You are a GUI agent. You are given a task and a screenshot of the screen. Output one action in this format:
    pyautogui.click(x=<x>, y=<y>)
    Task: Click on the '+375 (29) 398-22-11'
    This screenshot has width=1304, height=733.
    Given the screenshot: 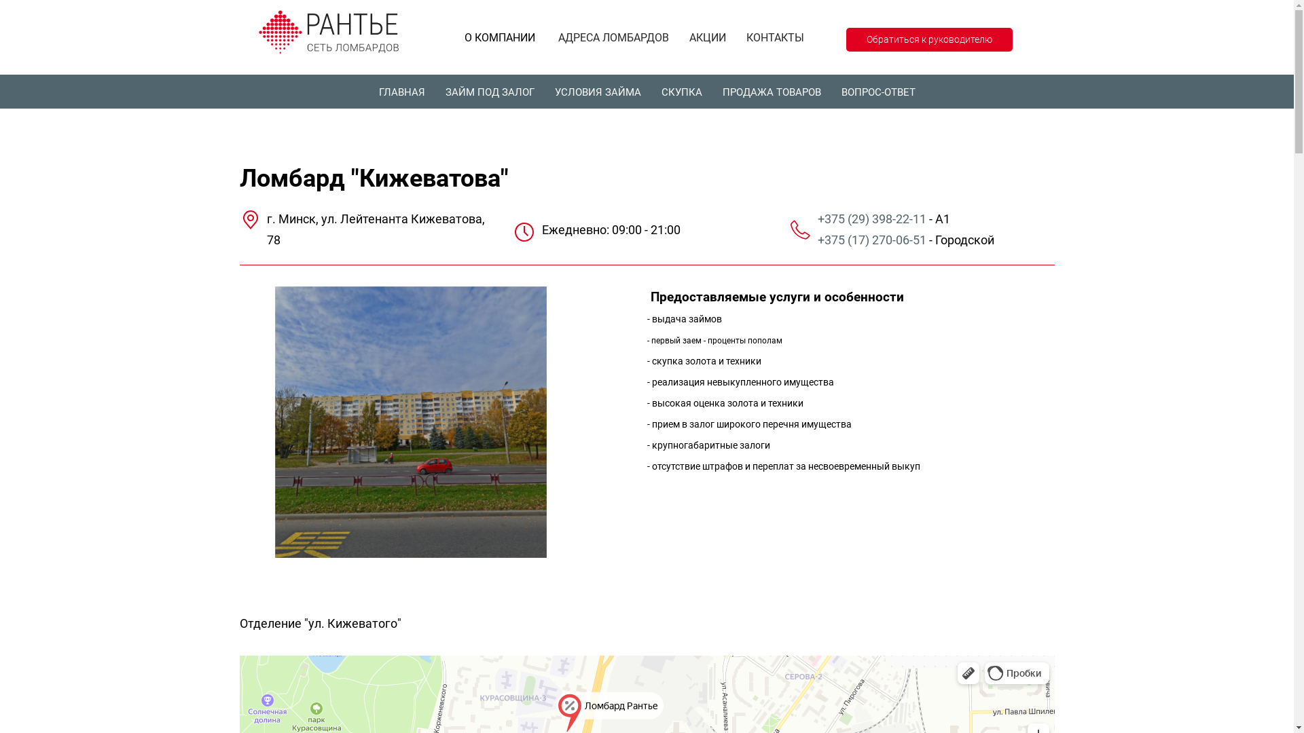 What is the action you would take?
    pyautogui.click(x=817, y=218)
    